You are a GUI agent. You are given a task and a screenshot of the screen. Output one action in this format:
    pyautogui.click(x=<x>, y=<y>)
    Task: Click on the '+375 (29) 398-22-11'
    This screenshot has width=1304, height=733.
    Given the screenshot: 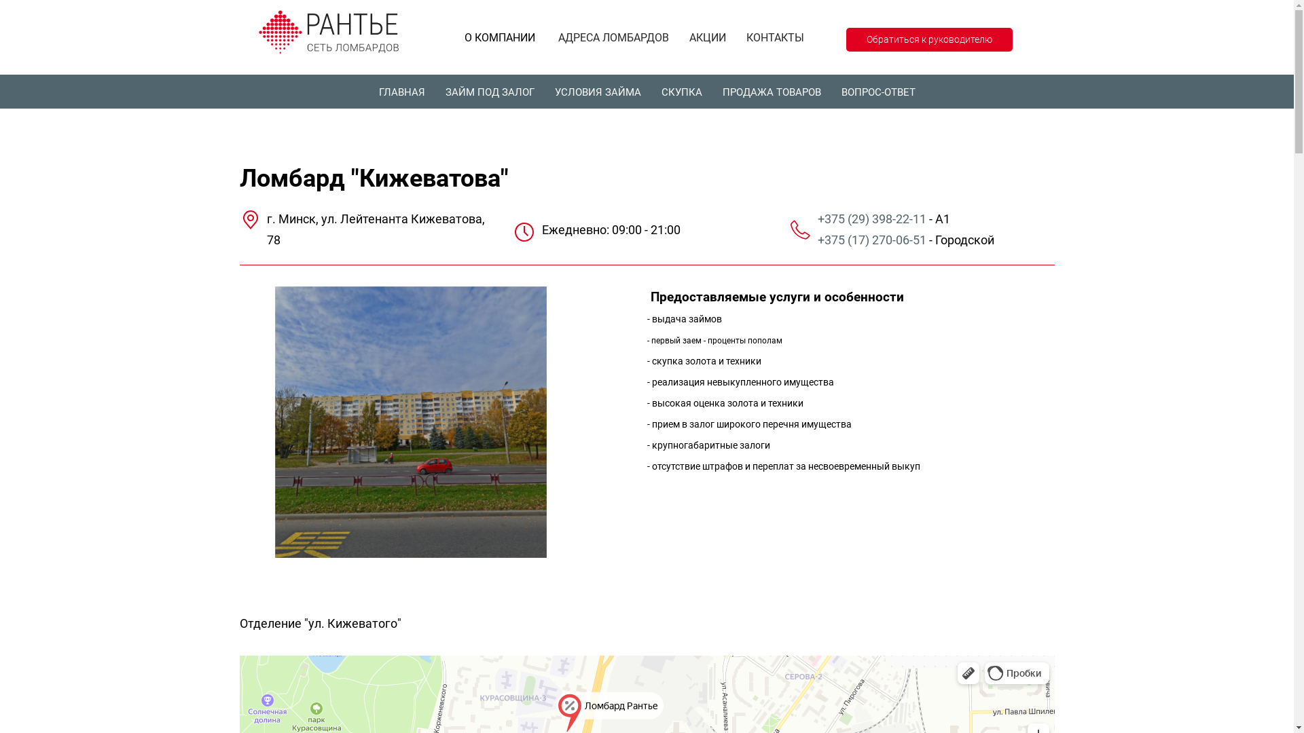 What is the action you would take?
    pyautogui.click(x=817, y=218)
    